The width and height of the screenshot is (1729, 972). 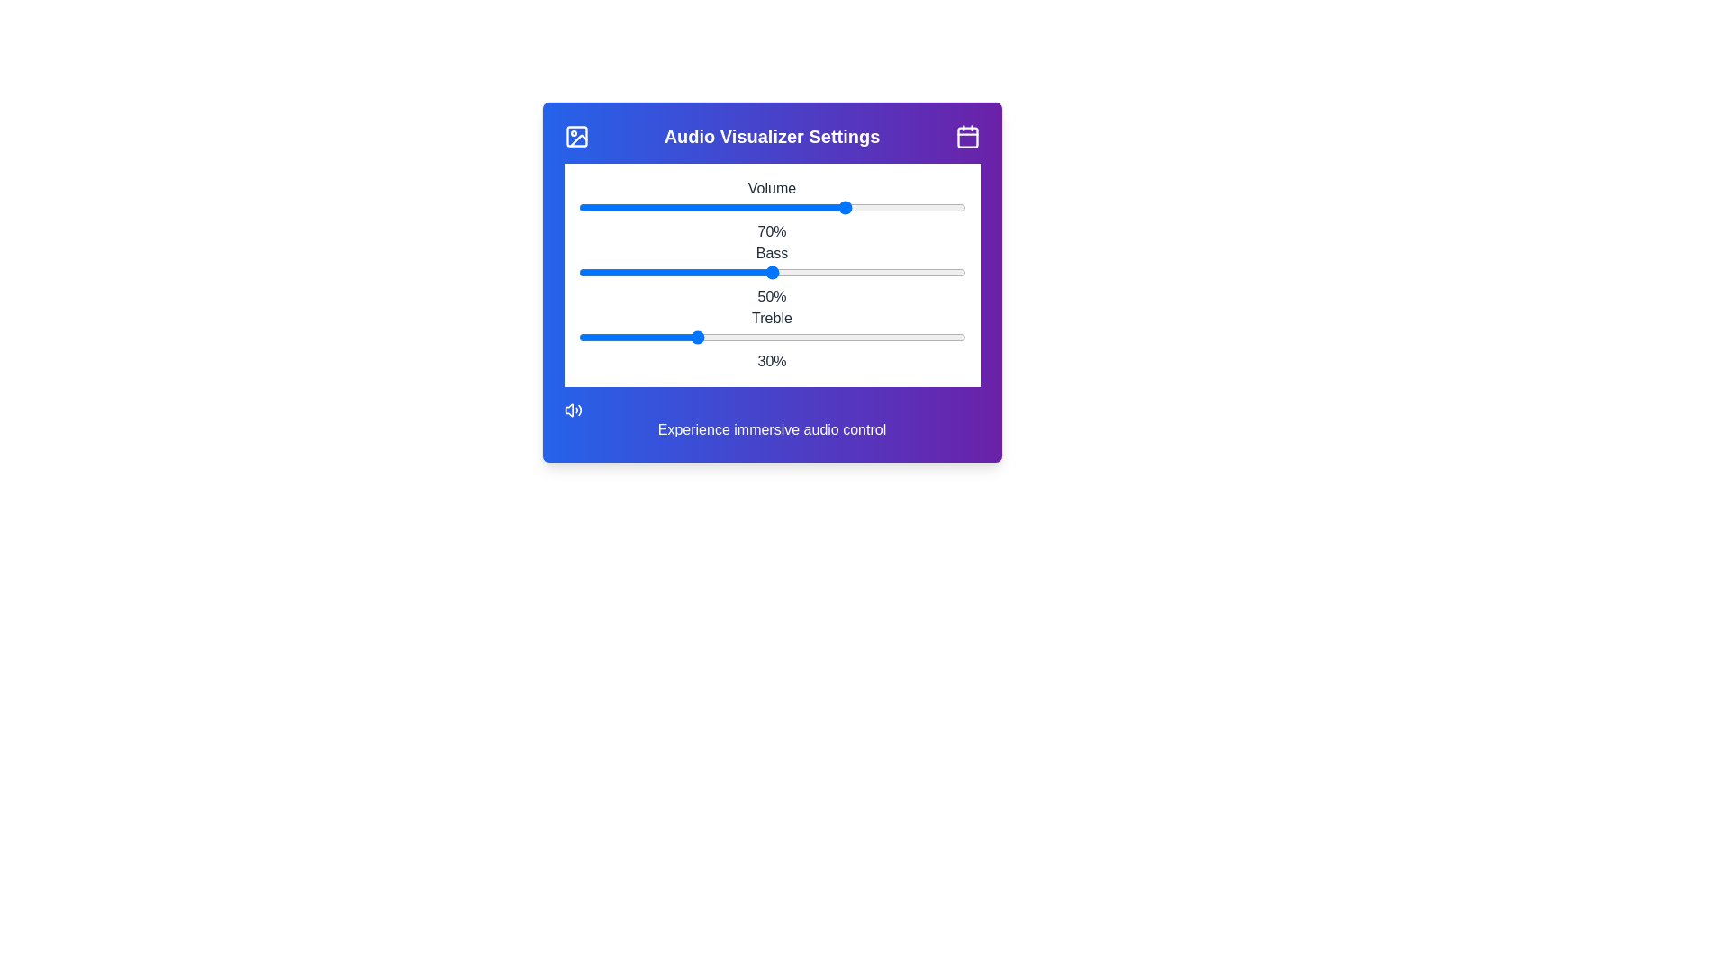 I want to click on the volume slider to set the volume to 10%, so click(x=613, y=207).